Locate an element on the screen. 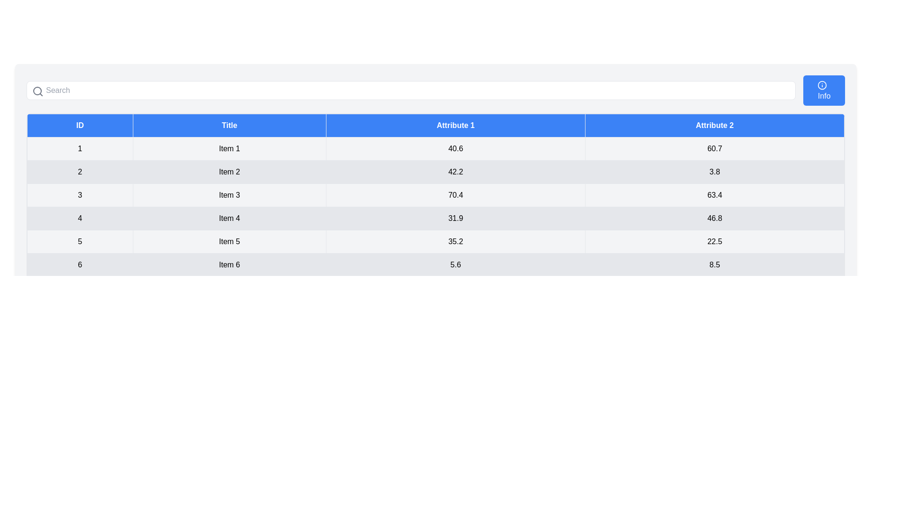 Image resolution: width=911 pixels, height=512 pixels. the column header Attribute 1 to sort the table by that column is located at coordinates (455, 125).